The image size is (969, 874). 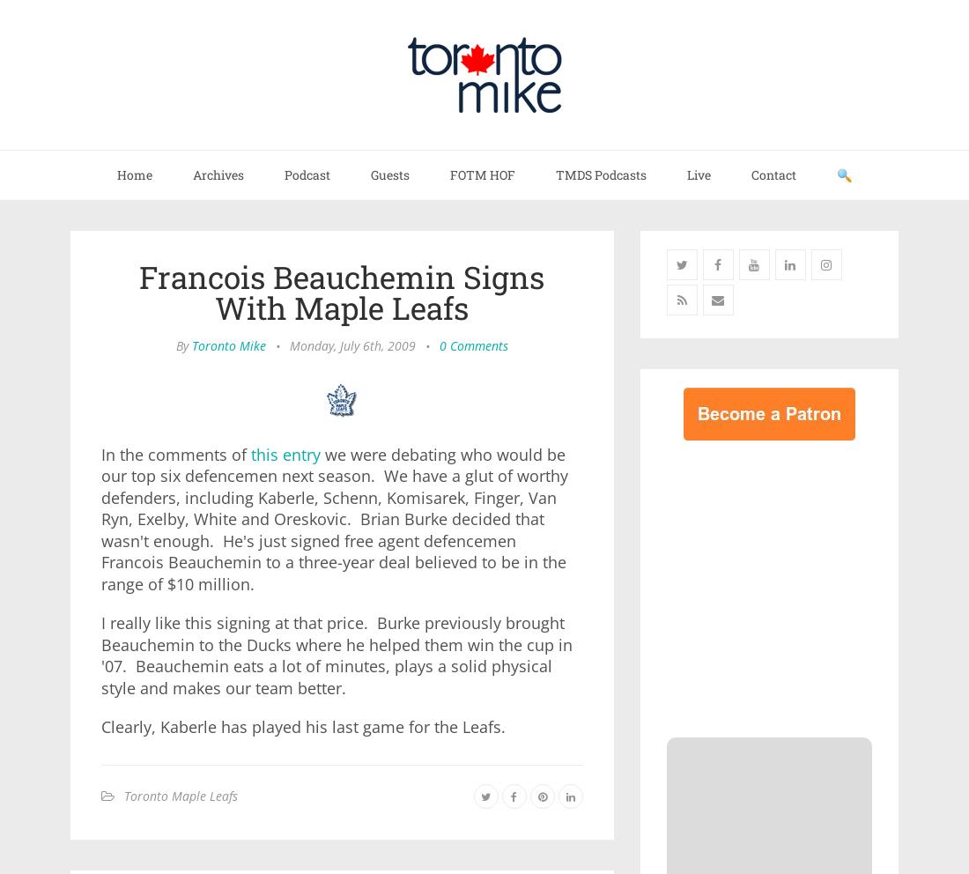 I want to click on 'this entry', so click(x=250, y=453).